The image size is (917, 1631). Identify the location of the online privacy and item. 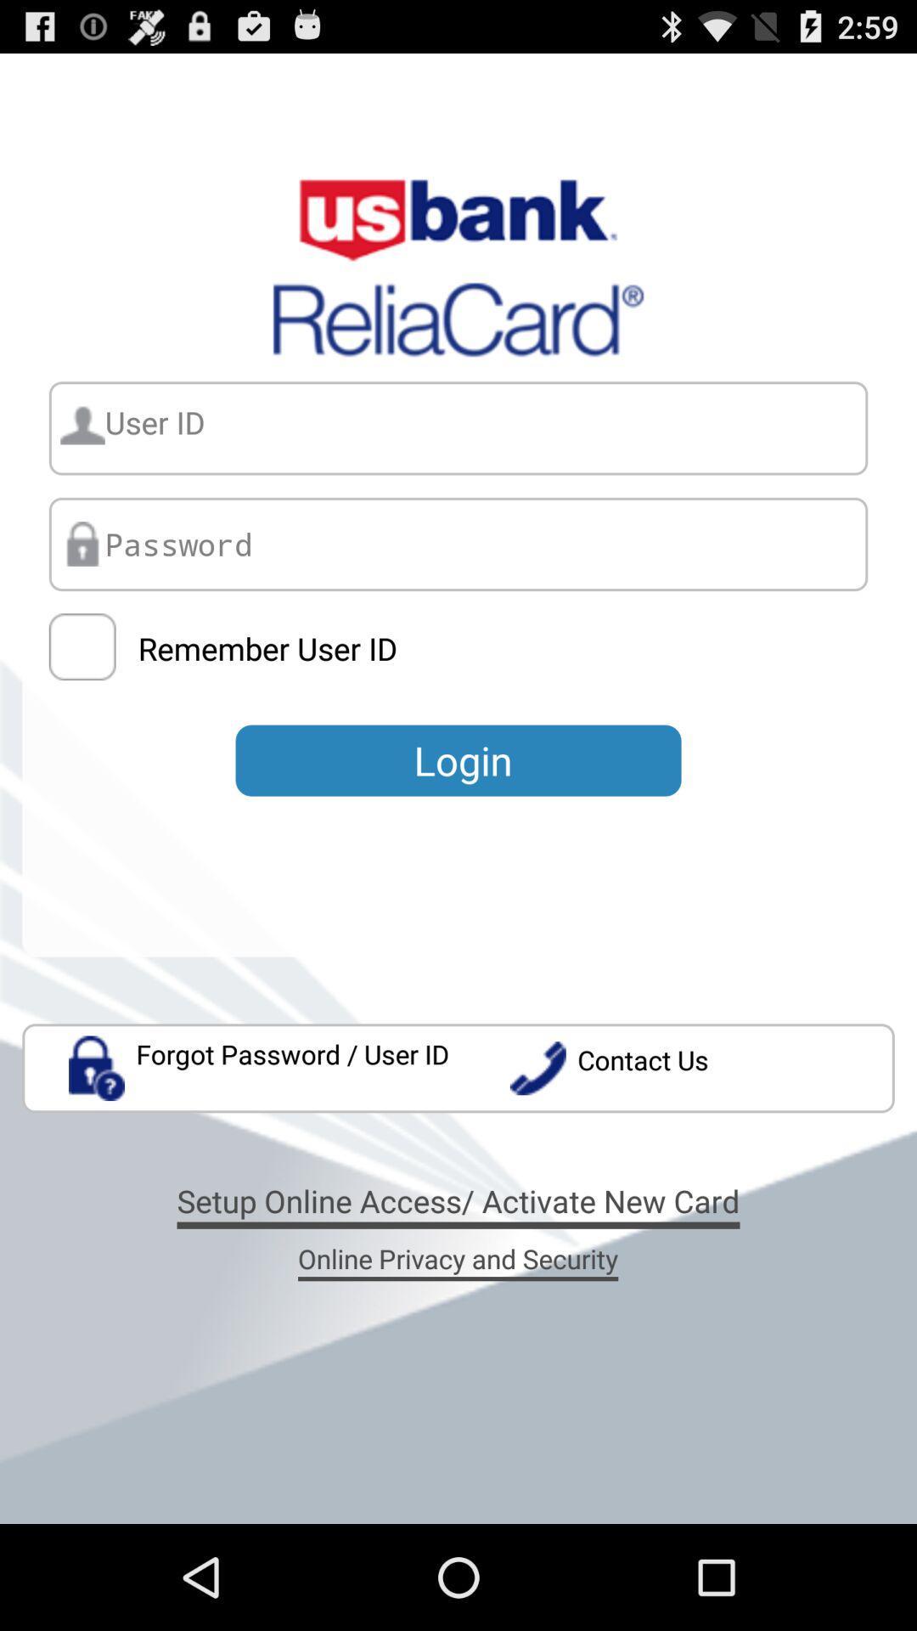
(457, 1258).